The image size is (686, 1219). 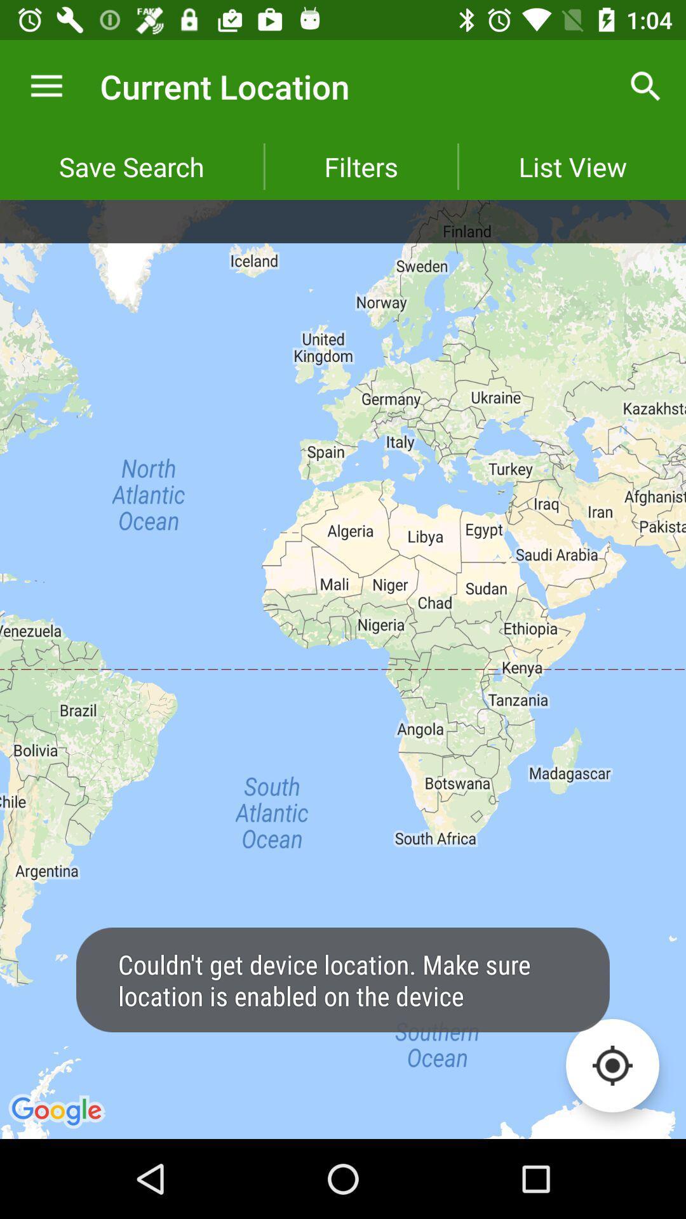 I want to click on the location_crosshair icon, so click(x=612, y=1065).